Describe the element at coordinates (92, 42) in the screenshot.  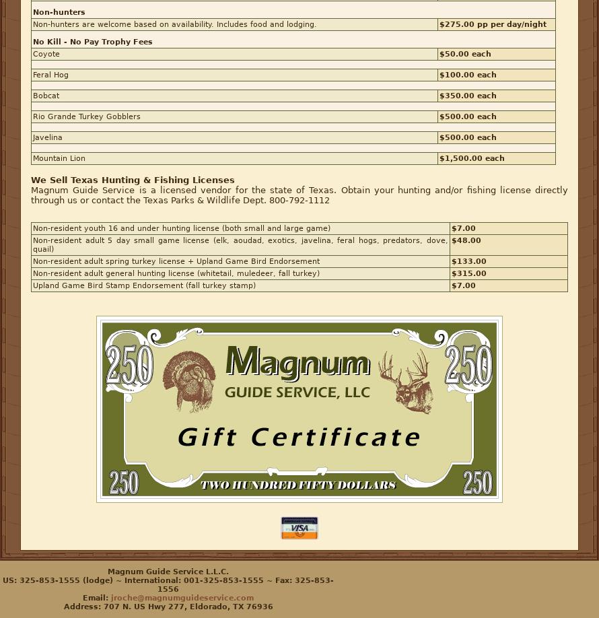
I see `'No Kill - No Pay Trophy Fees'` at that location.